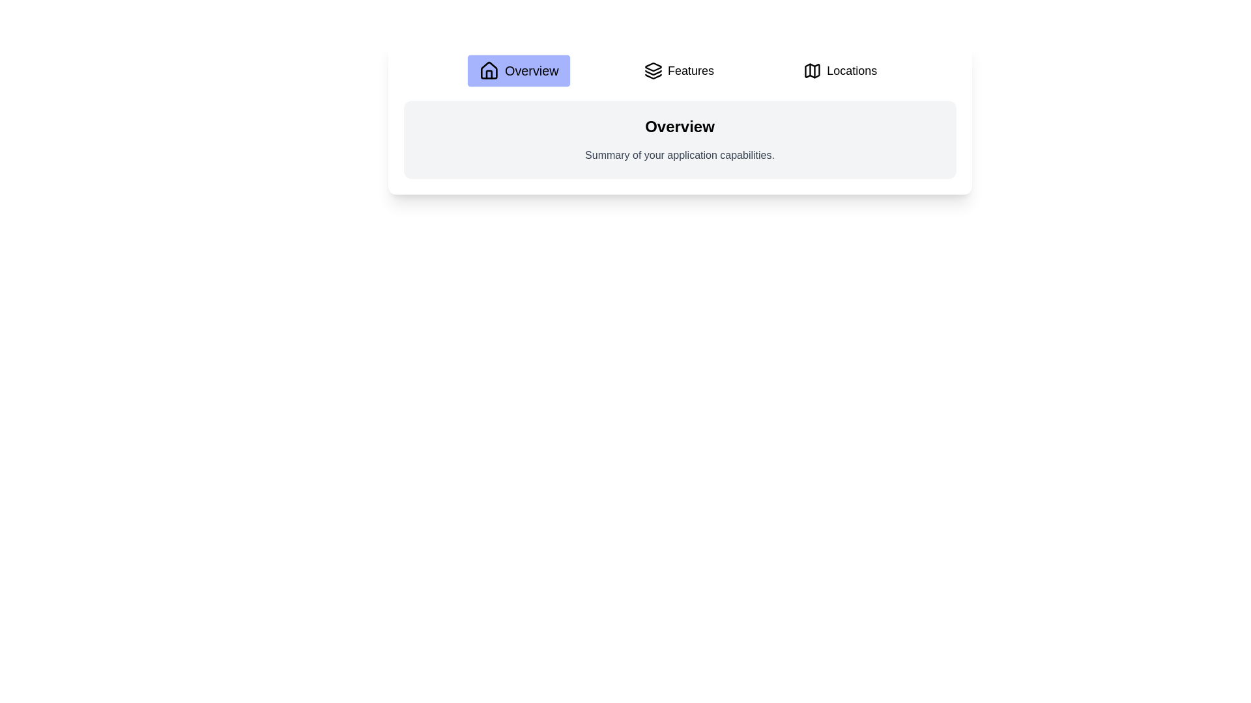 The image size is (1251, 703). I want to click on the Locations tab to navigate to its content, so click(840, 70).